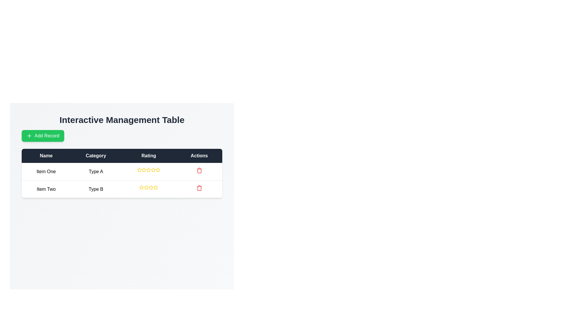 The image size is (563, 317). What do you see at coordinates (146, 188) in the screenshot?
I see `the third star in the second row of the star rating component` at bounding box center [146, 188].